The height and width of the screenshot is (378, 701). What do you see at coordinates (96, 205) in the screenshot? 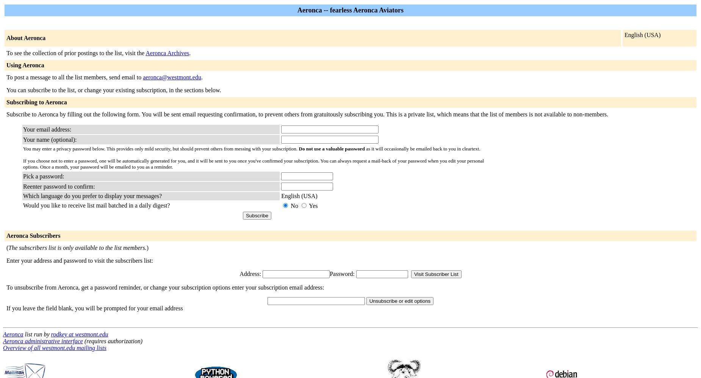
I see `'Would you like to receive list mail batched in a daily
	  digest?'` at bounding box center [96, 205].